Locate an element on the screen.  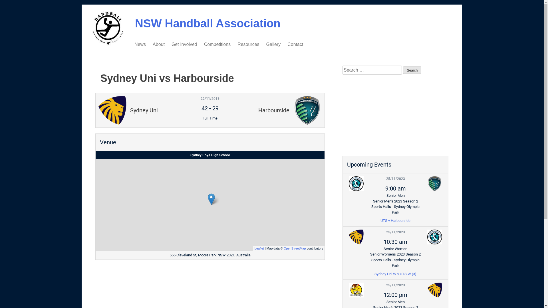
'UTS (w)' is located at coordinates (424, 236).